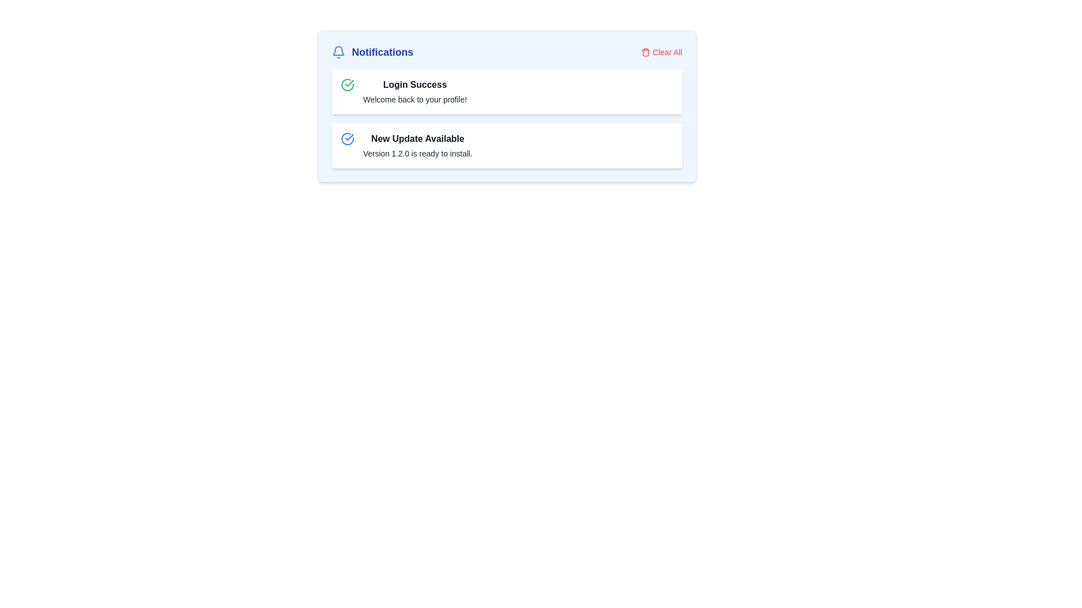  Describe the element at coordinates (347, 84) in the screenshot. I see `the leftmost SVG graphic indicating the successful status of the 'Login Success' notification in the Notifications section` at that location.